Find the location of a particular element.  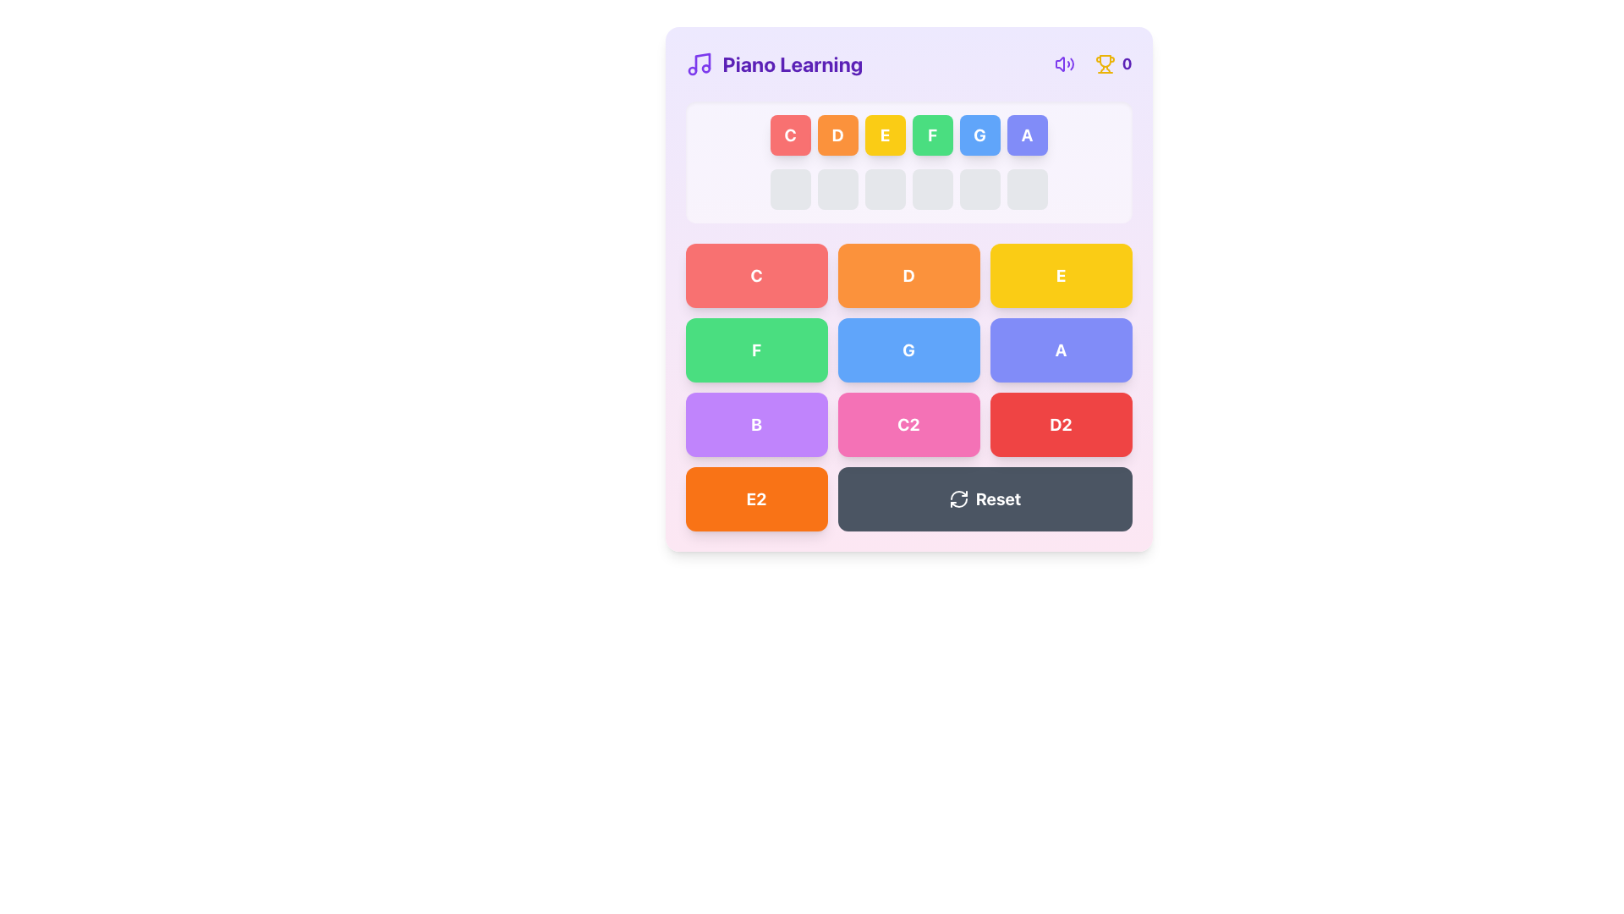

the rectangular button with rounded corners, a pink background, and bold white text 'C2' is located at coordinates (908, 423).